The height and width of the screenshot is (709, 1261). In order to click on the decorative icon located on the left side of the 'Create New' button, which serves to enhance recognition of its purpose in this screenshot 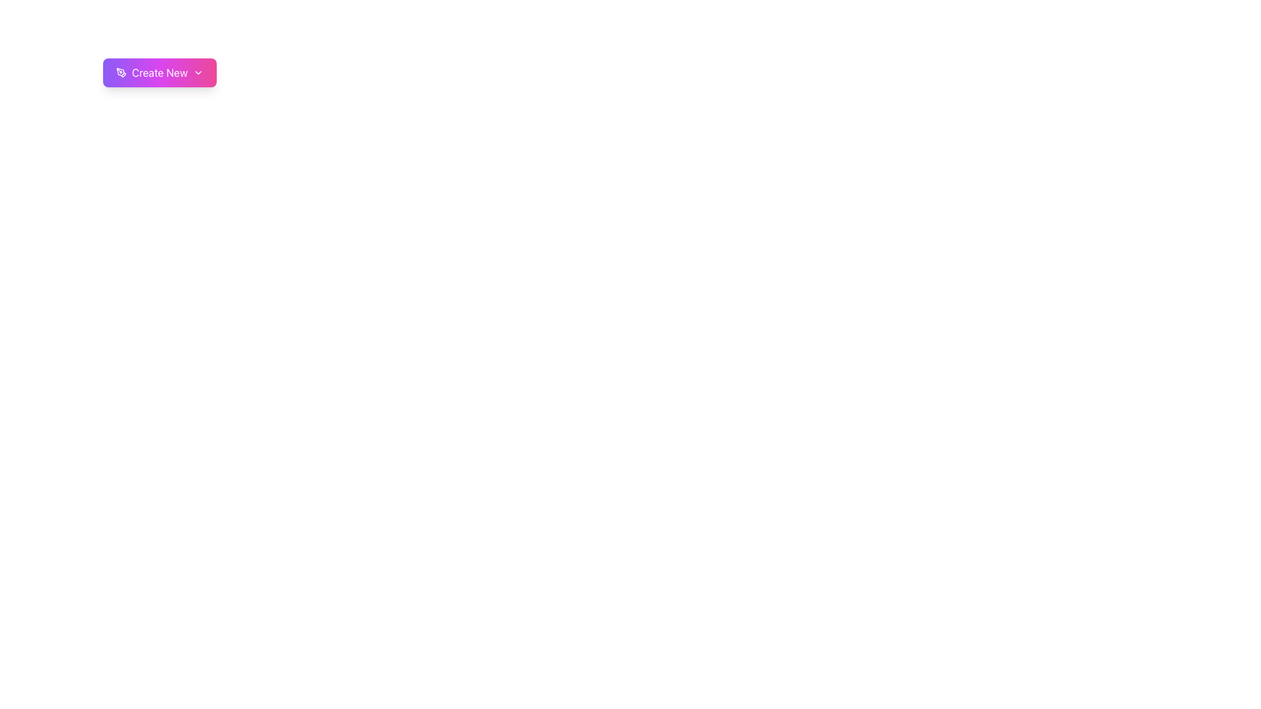, I will do `click(120, 72)`.